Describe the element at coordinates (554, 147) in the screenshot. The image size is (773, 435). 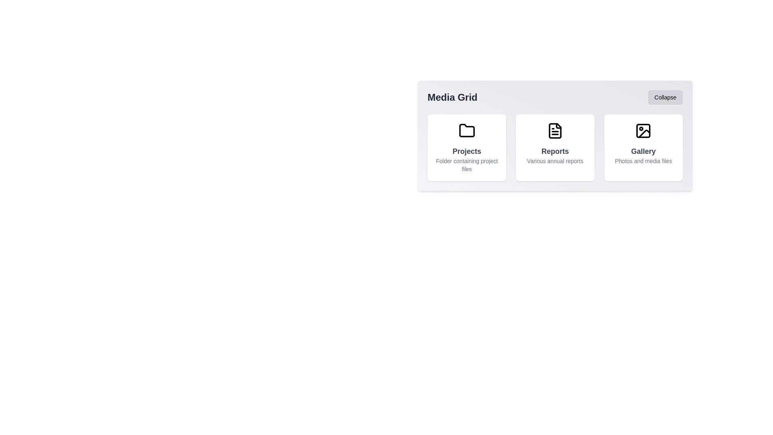
I see `the grid item Reports` at that location.